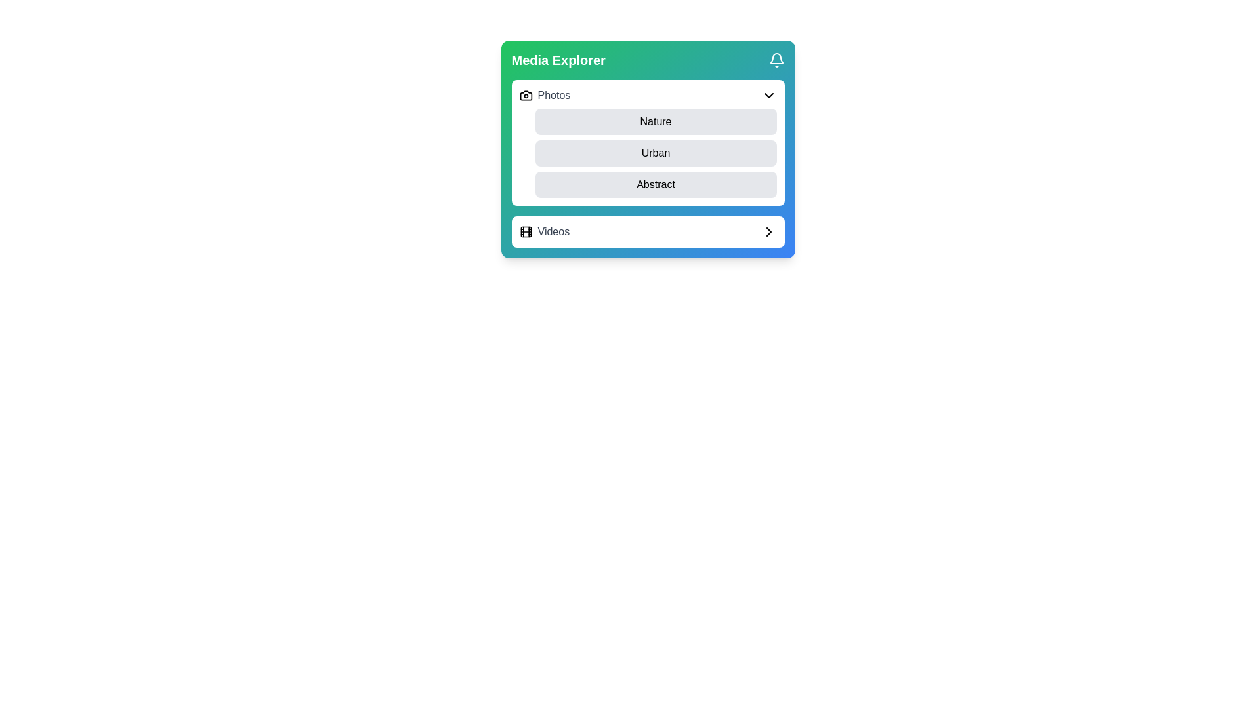 The image size is (1260, 708). Describe the element at coordinates (648, 163) in the screenshot. I see `the 'Urban' option in the Clickable Option Box, which is a rectangular box with rounded corners and a light gray background located centrally among three vertically stacked options under the 'Photos' section` at that location.